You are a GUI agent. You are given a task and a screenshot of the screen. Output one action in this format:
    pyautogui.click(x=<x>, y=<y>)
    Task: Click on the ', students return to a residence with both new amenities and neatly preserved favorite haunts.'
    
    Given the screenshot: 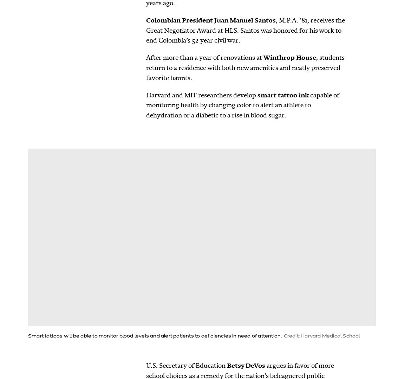 What is the action you would take?
    pyautogui.click(x=146, y=67)
    